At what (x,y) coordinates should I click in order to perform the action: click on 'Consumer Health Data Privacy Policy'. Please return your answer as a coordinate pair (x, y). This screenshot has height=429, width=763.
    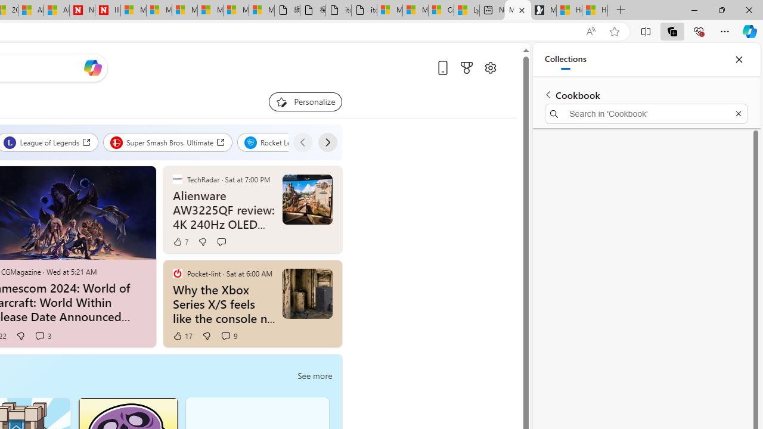
    Looking at the image, I should click on (441, 10).